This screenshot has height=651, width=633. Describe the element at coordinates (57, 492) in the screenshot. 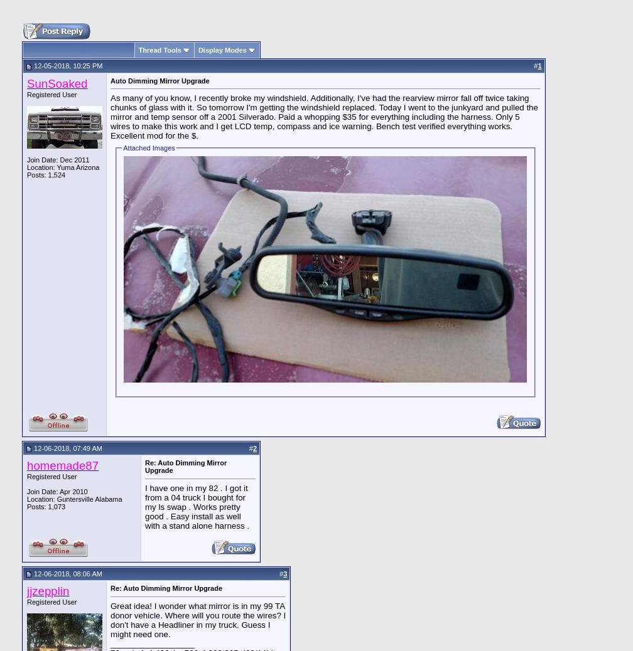

I see `'Join Date: Apr 2010'` at that location.